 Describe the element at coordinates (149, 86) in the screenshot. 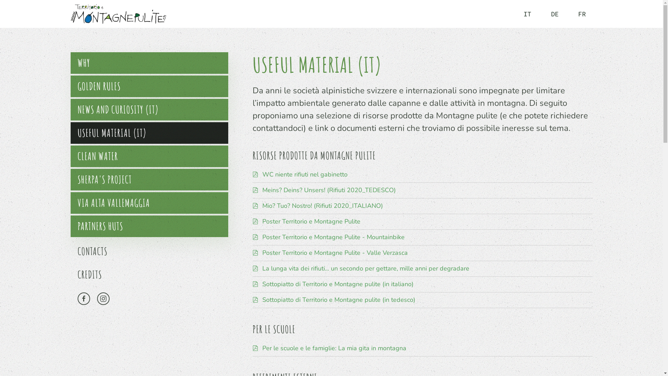

I see `'GOLDEN RULES'` at that location.